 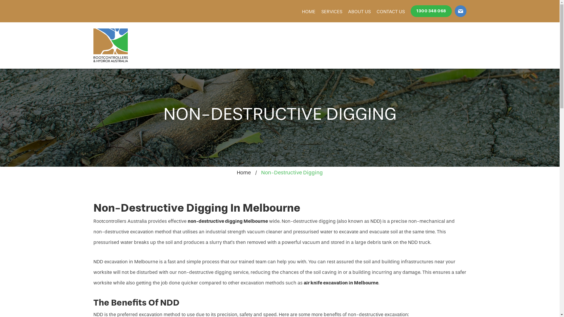 I want to click on '1300 348 068', so click(x=431, y=11).